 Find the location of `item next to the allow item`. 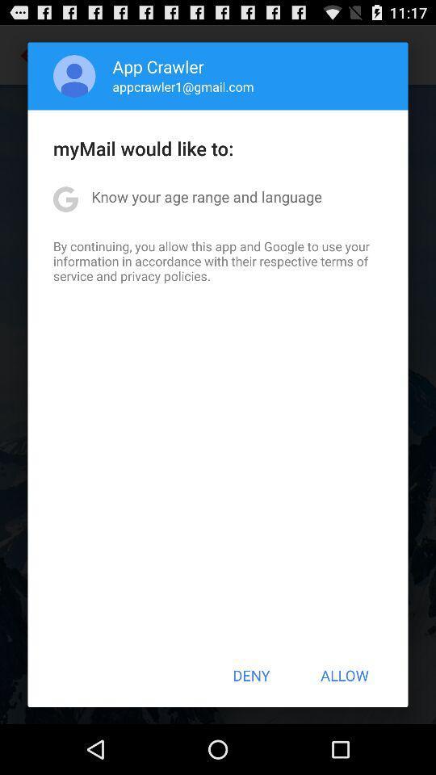

item next to the allow item is located at coordinates (251, 675).